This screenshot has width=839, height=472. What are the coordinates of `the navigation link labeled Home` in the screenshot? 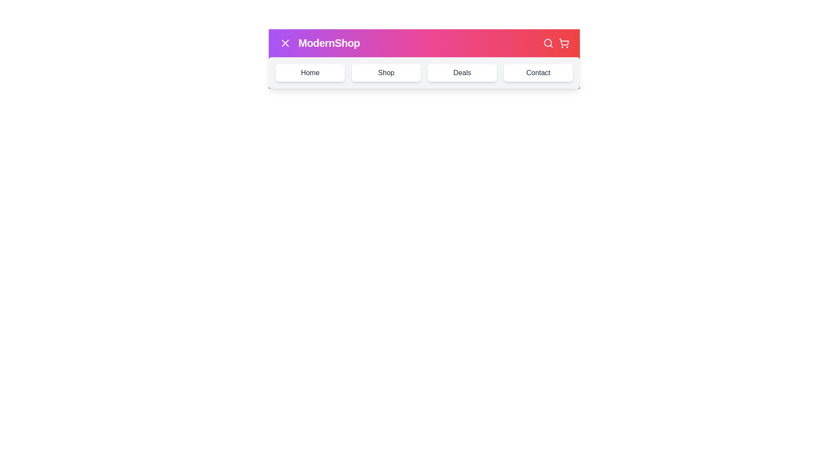 It's located at (310, 72).